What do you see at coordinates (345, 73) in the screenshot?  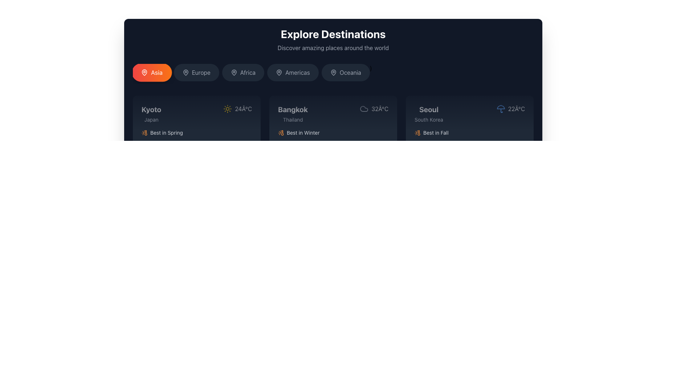 I see `the 'Oceania' category button located at the top-center of the interface` at bounding box center [345, 73].